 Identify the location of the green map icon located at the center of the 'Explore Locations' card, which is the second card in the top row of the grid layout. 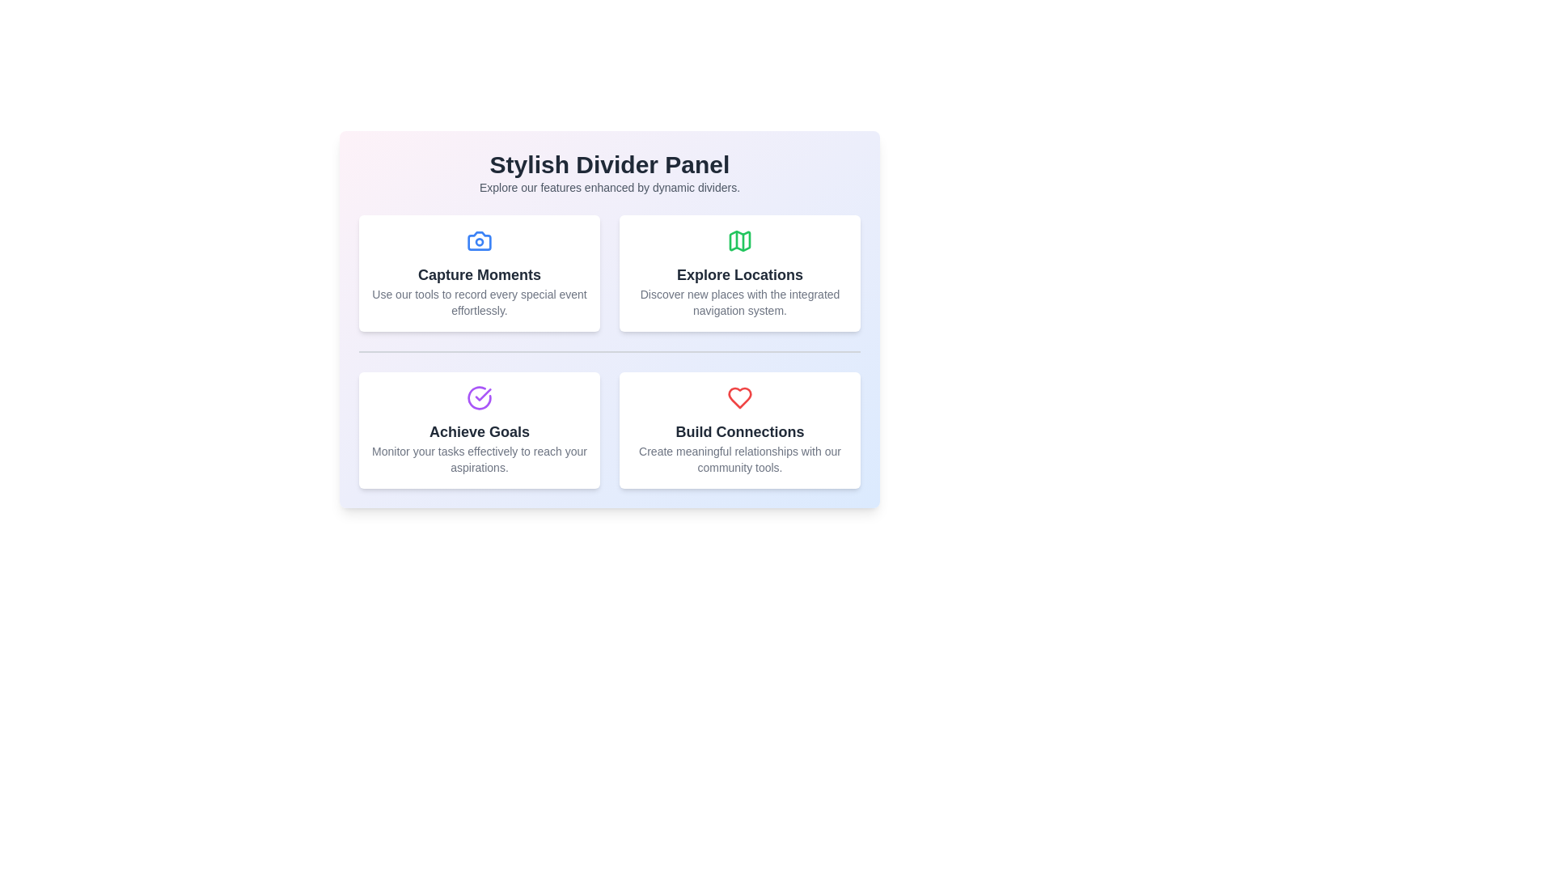
(739, 240).